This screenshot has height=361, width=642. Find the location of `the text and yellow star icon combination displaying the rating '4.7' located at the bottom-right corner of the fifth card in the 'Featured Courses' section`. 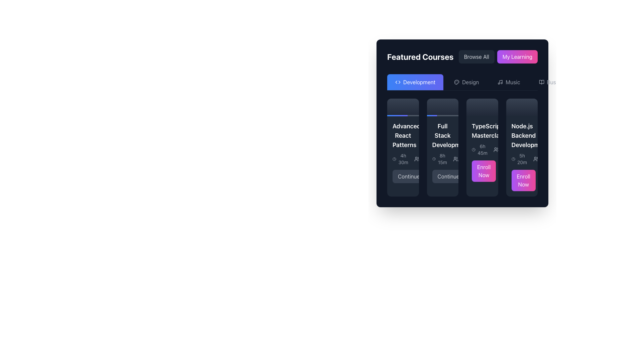

the text and yellow star icon combination displaying the rating '4.7' located at the bottom-right corner of the fifth card in the 'Featured Courses' section is located at coordinates (523, 149).